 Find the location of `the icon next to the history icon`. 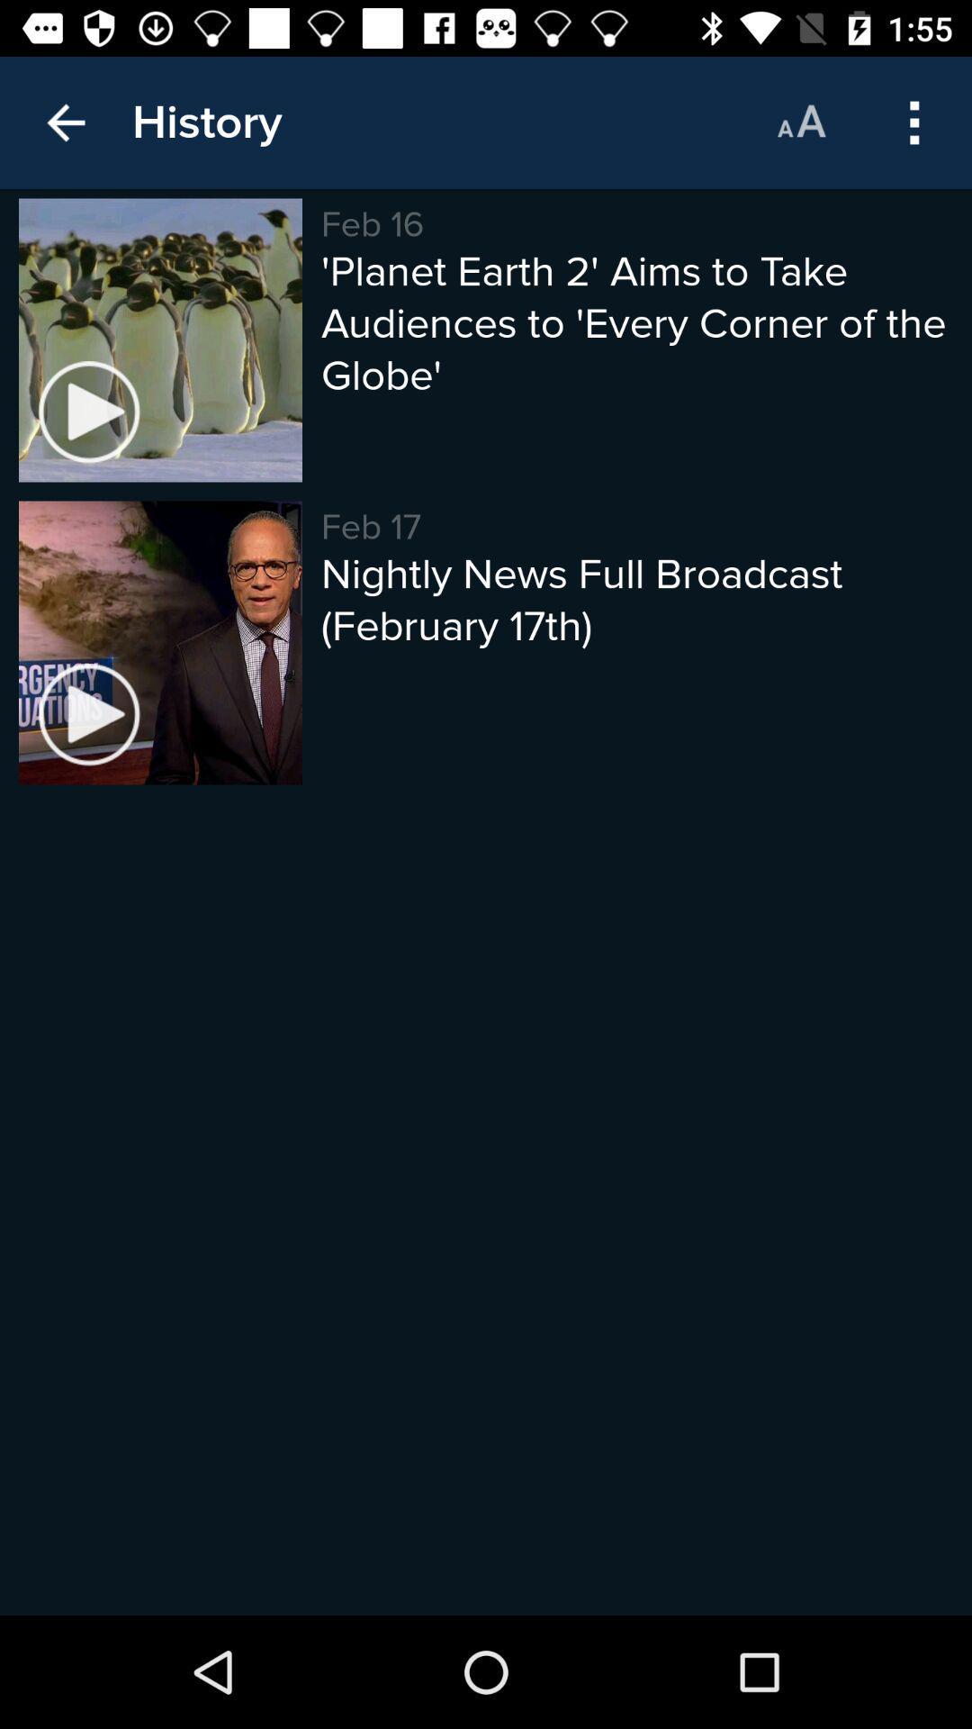

the icon next to the history icon is located at coordinates (800, 122).